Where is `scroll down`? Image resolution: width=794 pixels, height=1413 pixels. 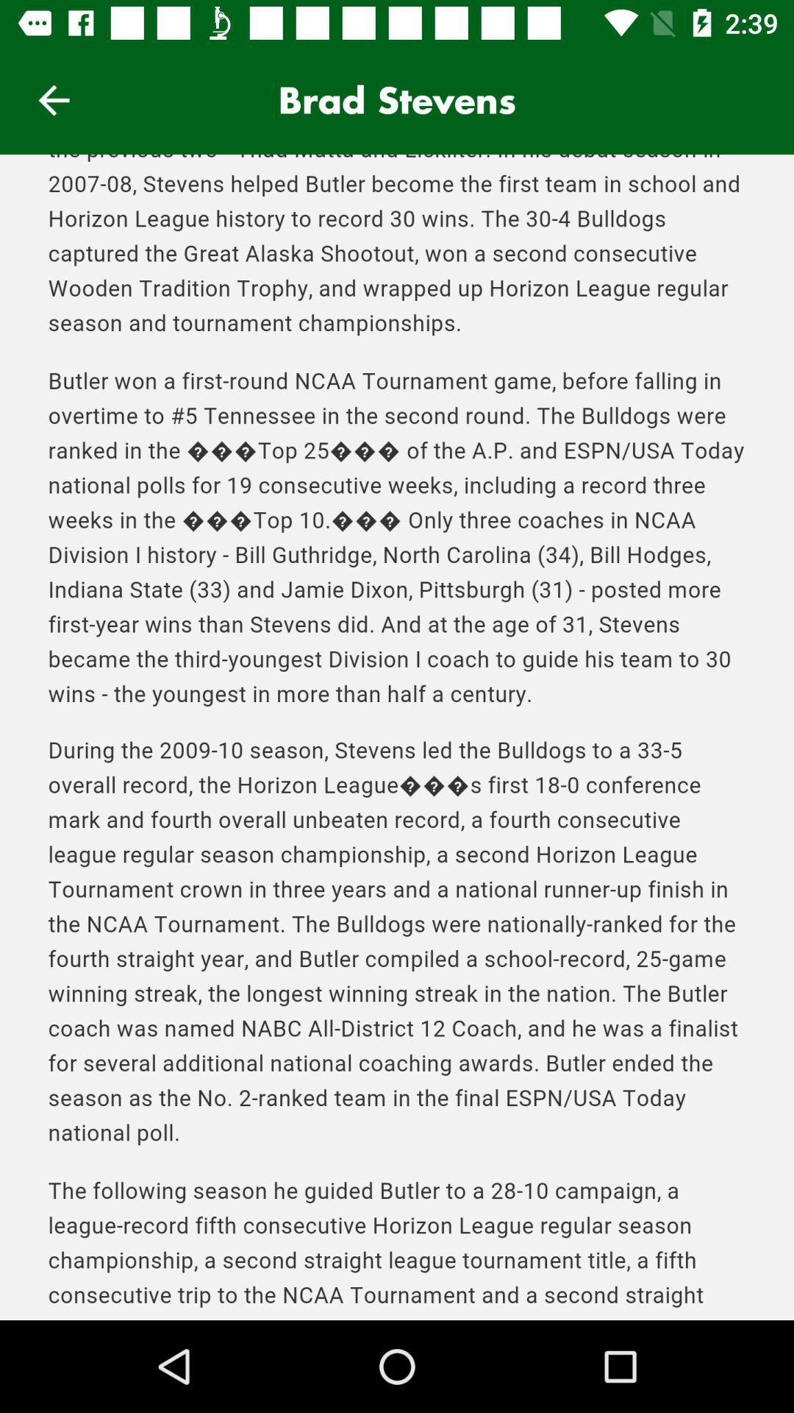
scroll down is located at coordinates (397, 737).